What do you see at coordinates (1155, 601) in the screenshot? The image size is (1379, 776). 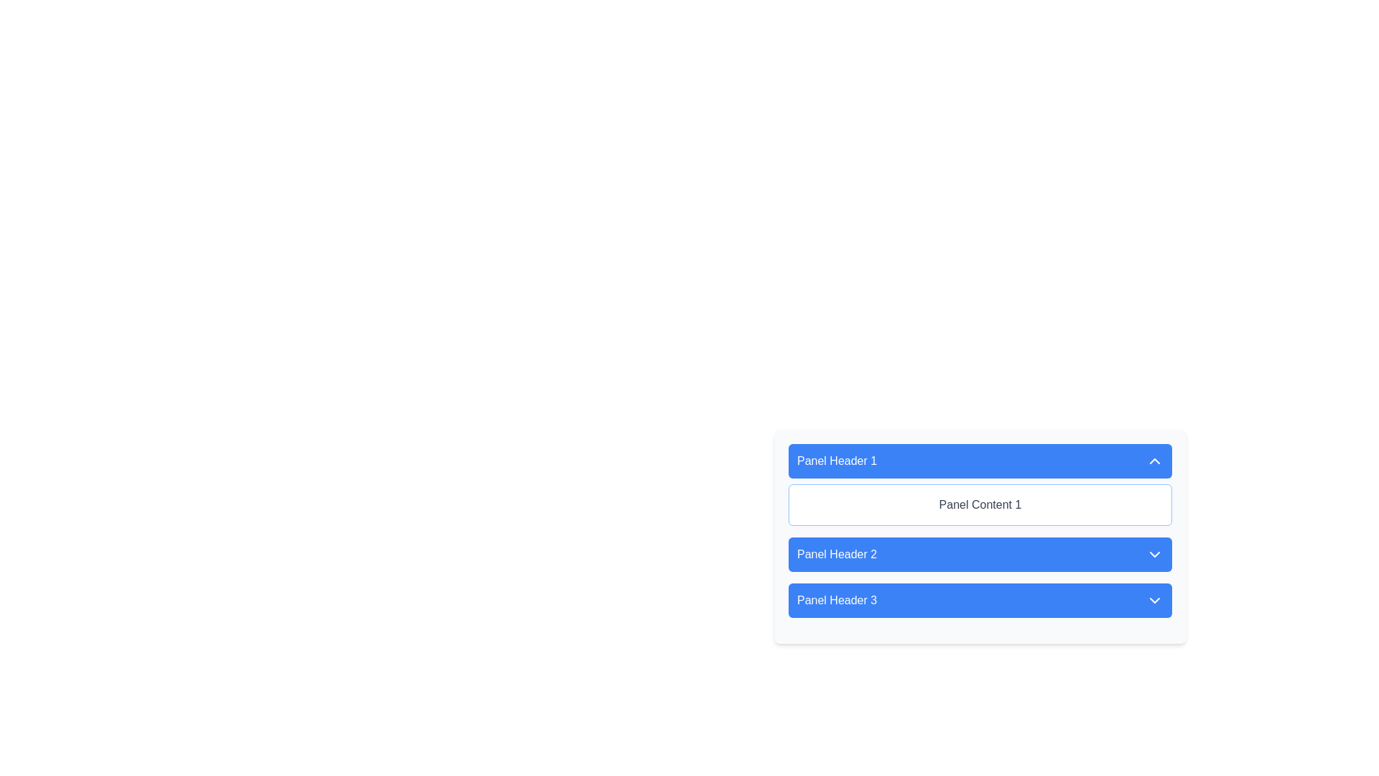 I see `the chevron-down arrow icon located on the right side of the 'Panel Header 3' section for interaction feedback` at bounding box center [1155, 601].